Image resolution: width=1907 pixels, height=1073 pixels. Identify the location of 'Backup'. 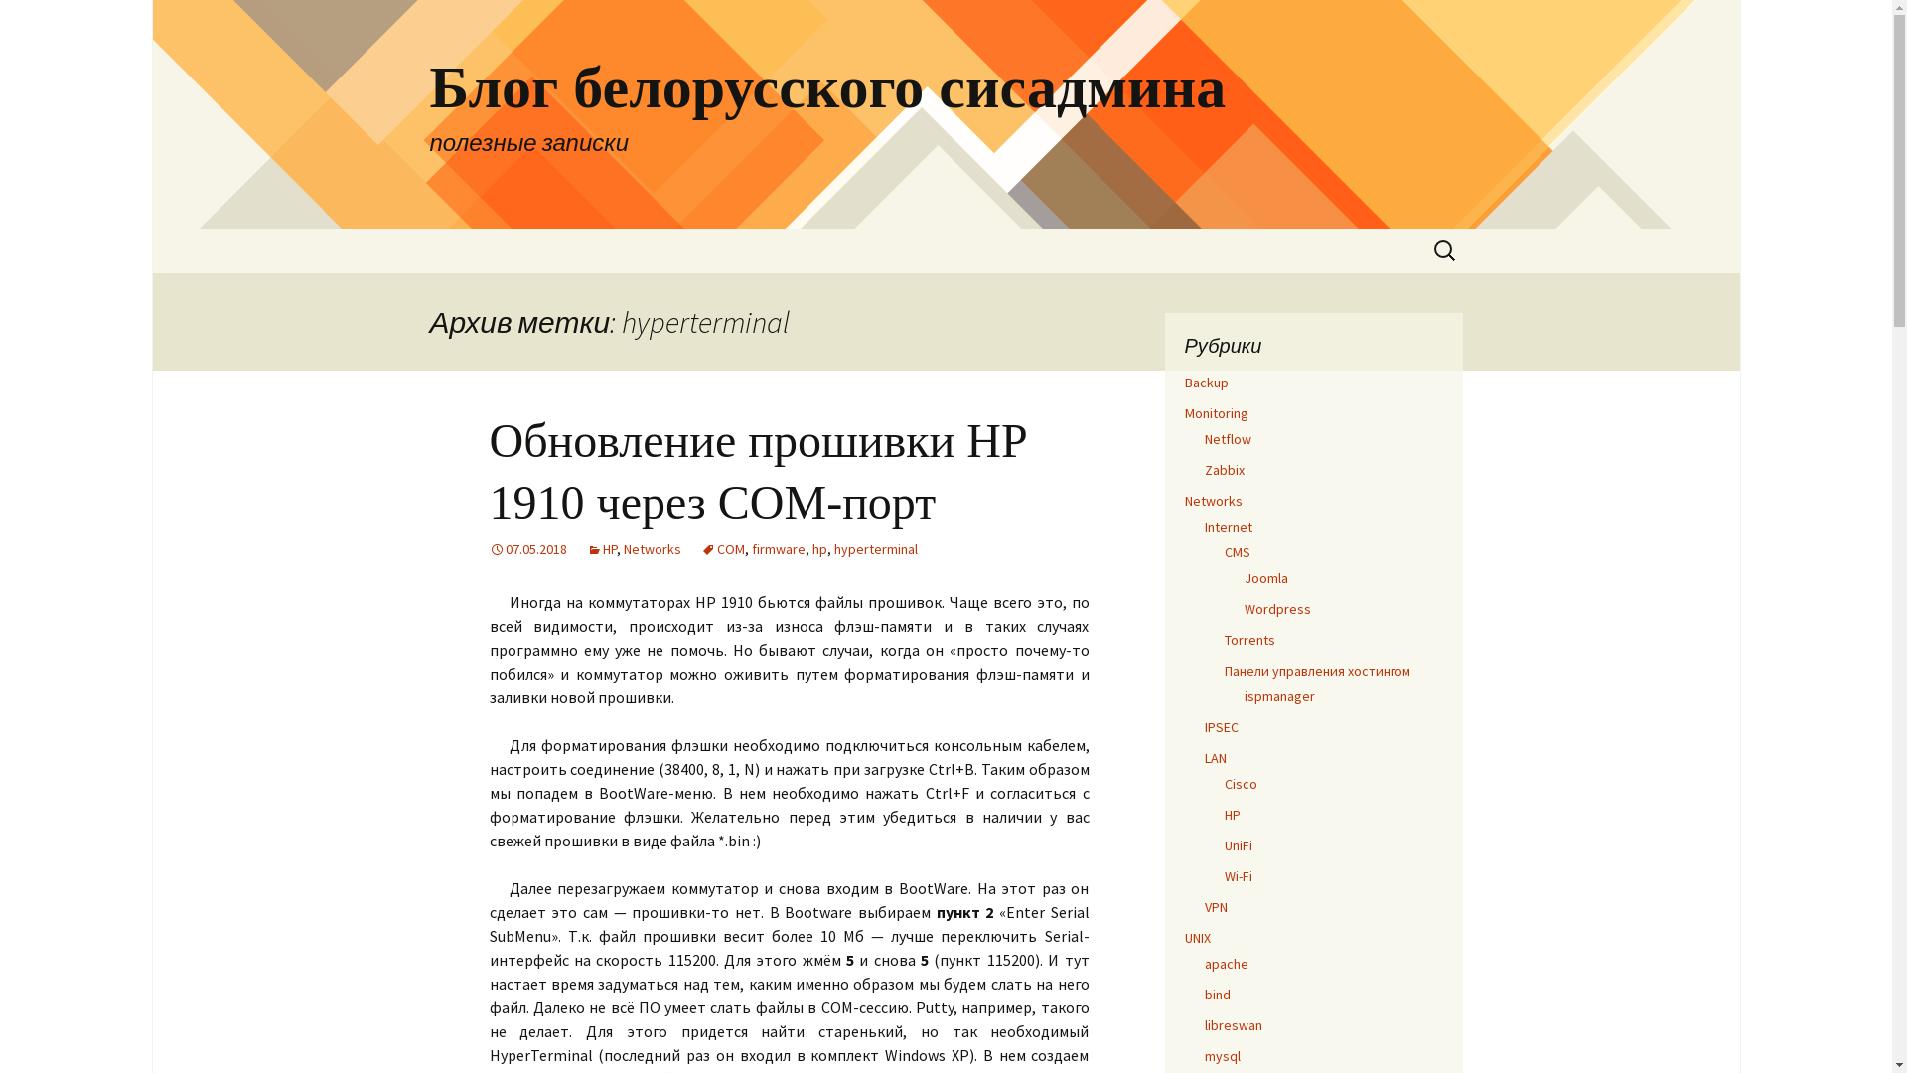
(1205, 383).